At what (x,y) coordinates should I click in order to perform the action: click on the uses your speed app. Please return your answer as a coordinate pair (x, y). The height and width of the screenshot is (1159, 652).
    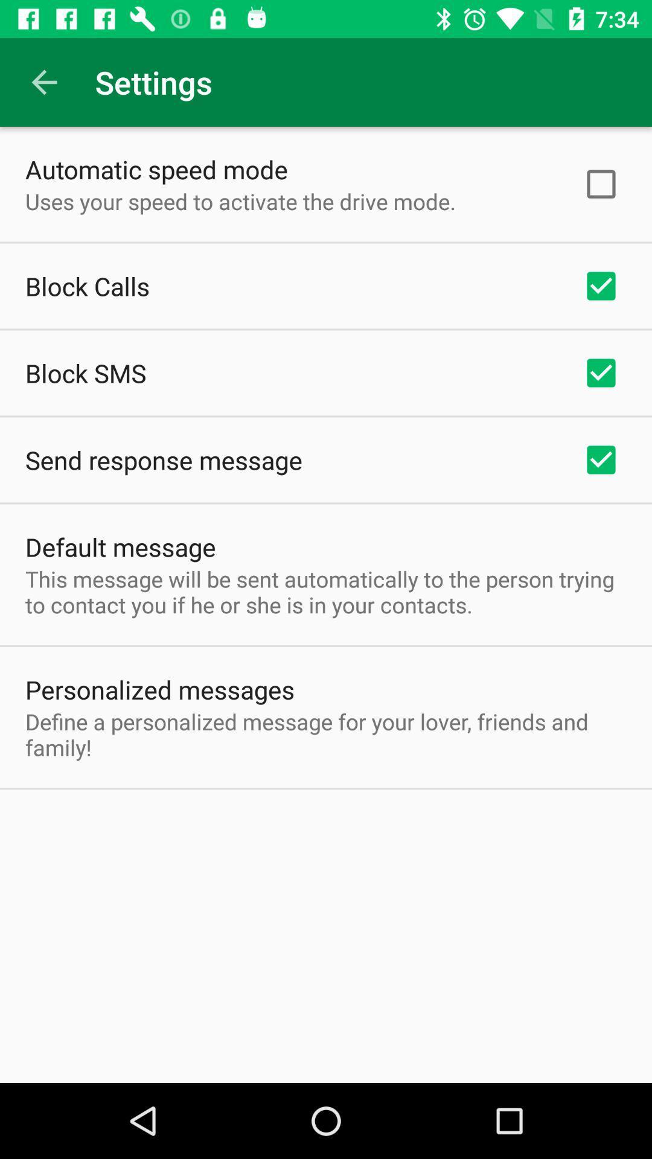
    Looking at the image, I should click on (240, 201).